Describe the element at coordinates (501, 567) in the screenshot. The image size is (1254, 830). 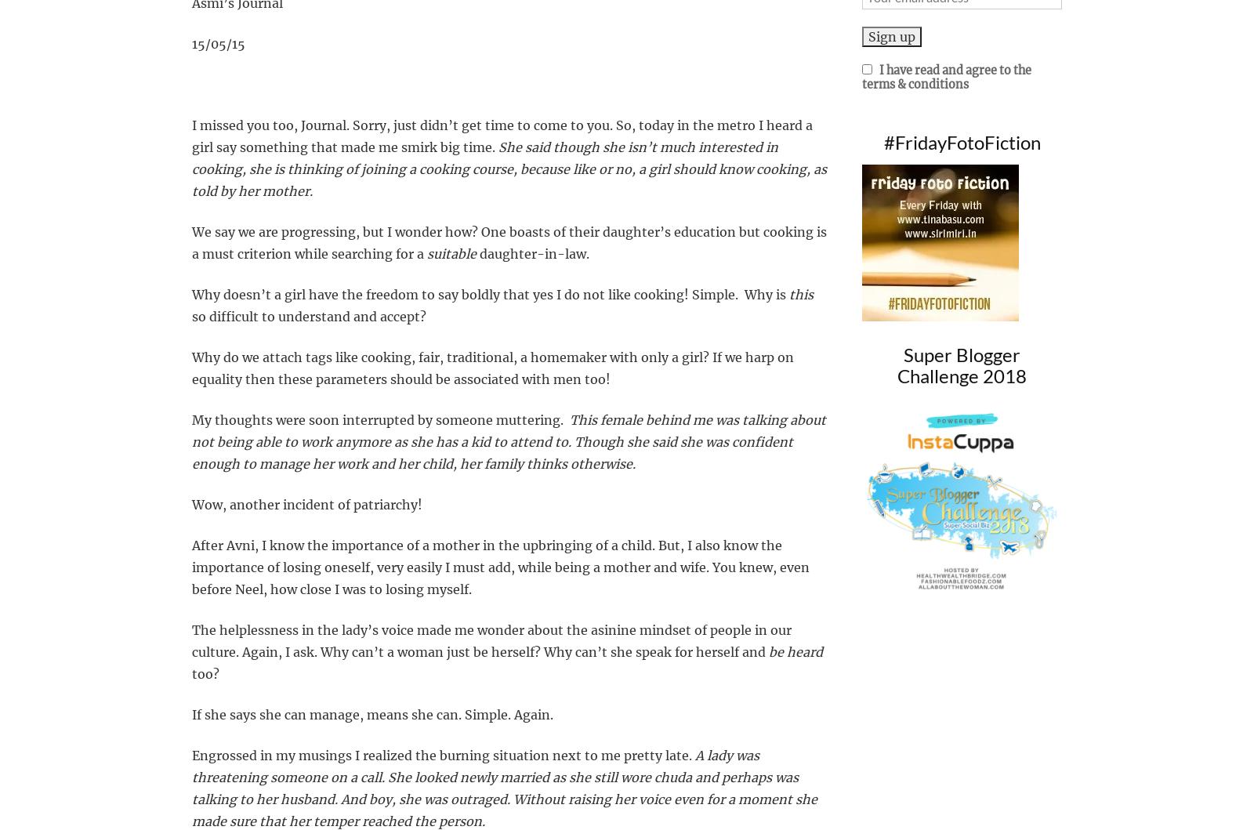
I see `'After Avni, I know the importance of a mother in the upbringing of a child. But, I also know the importance of losing oneself, very easily I must add, while being a mother and wife. You knew, even before Neel, how close I was to losing myself.'` at that location.